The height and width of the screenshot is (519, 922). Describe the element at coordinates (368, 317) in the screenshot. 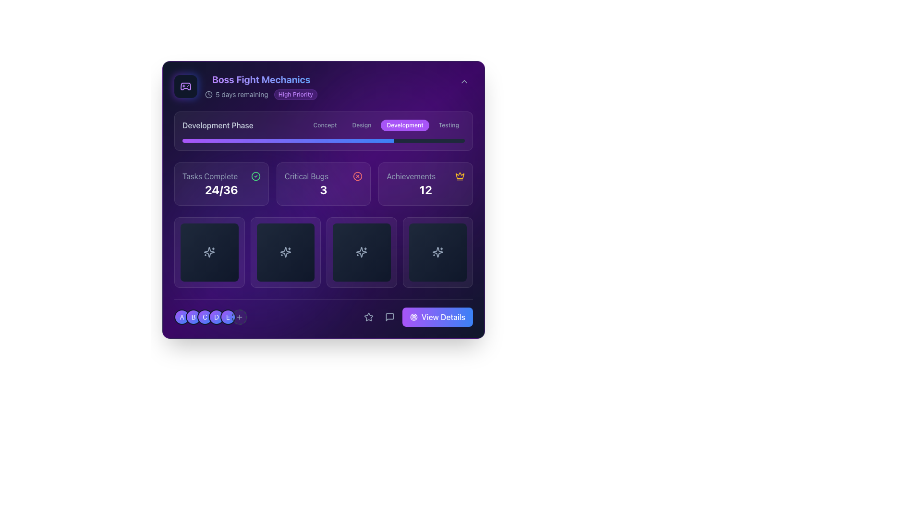

I see `the star-shaped icon located in the lower section of the card interface` at that location.